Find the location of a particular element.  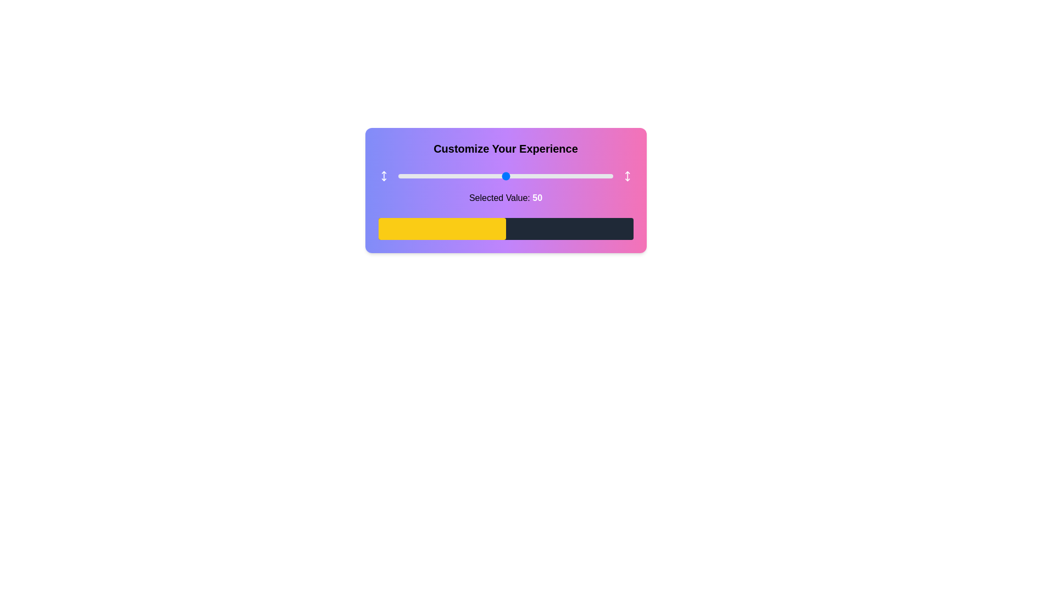

the slider to set its value to 77 is located at coordinates (564, 175).